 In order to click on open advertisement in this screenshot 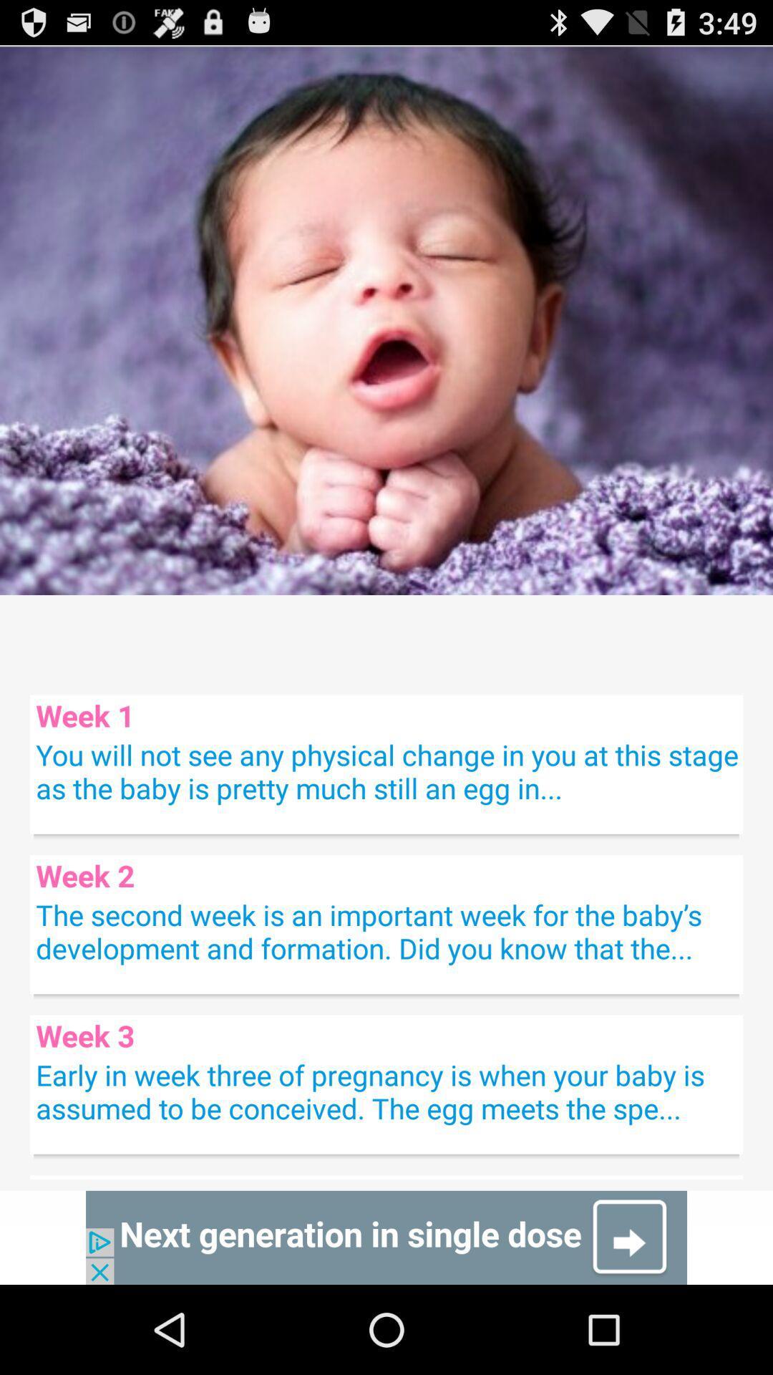, I will do `click(386, 1237)`.